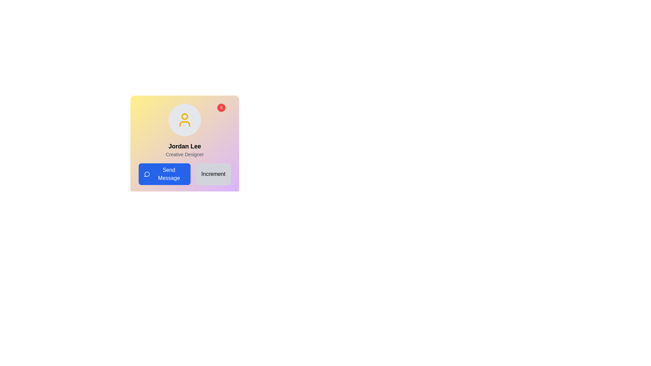 The image size is (651, 366). What do you see at coordinates (185, 154) in the screenshot?
I see `the text label that serves as a subtitle descriptor for the profile, located directly below the bold text 'Jordan Lee'` at bounding box center [185, 154].